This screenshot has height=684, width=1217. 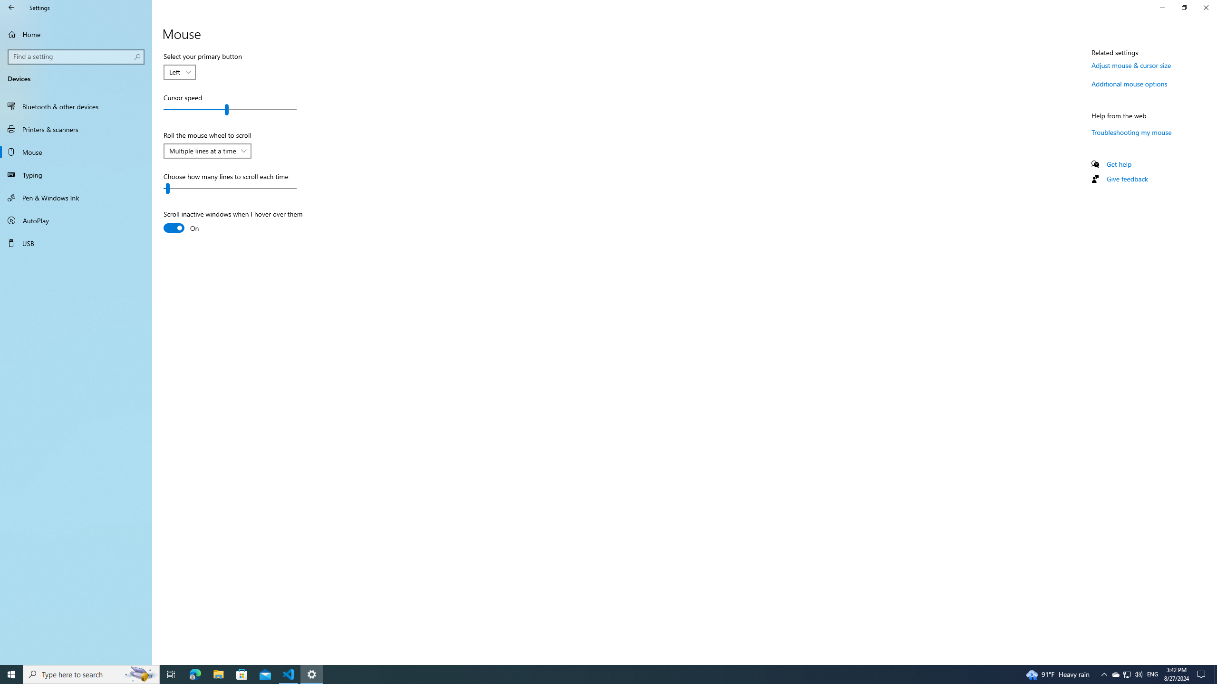 What do you see at coordinates (1130, 65) in the screenshot?
I see `'Adjust mouse & cursor size'` at bounding box center [1130, 65].